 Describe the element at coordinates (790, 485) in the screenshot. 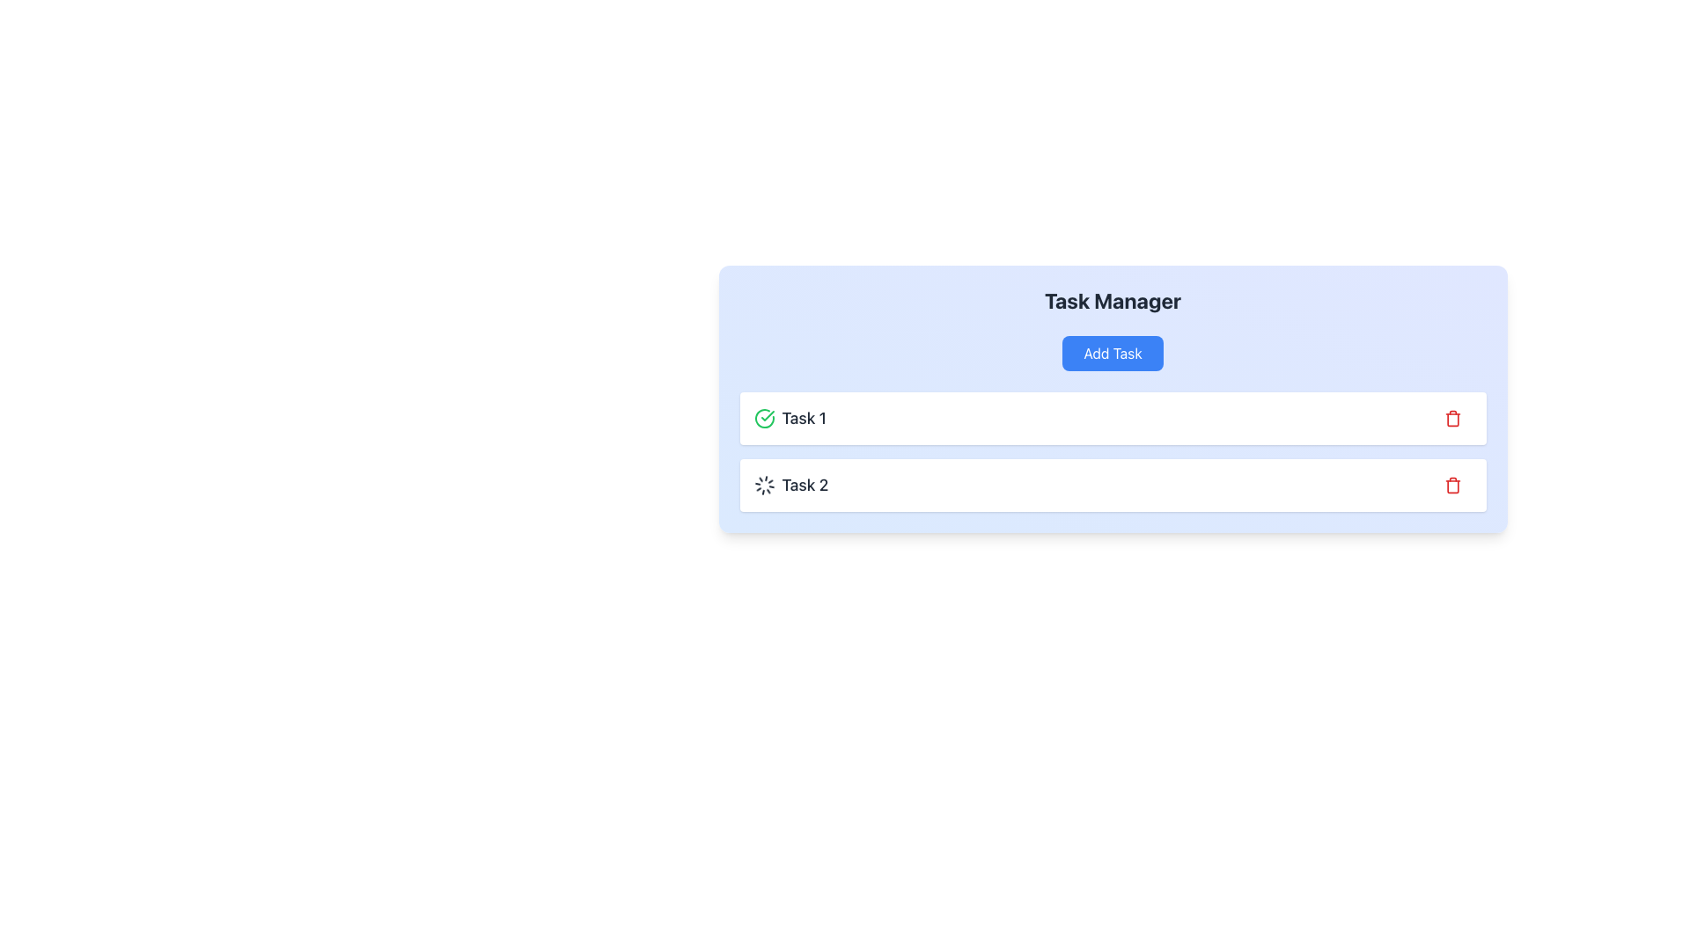

I see `the label indicating 'Task 2' with a spinning loader icon` at that location.